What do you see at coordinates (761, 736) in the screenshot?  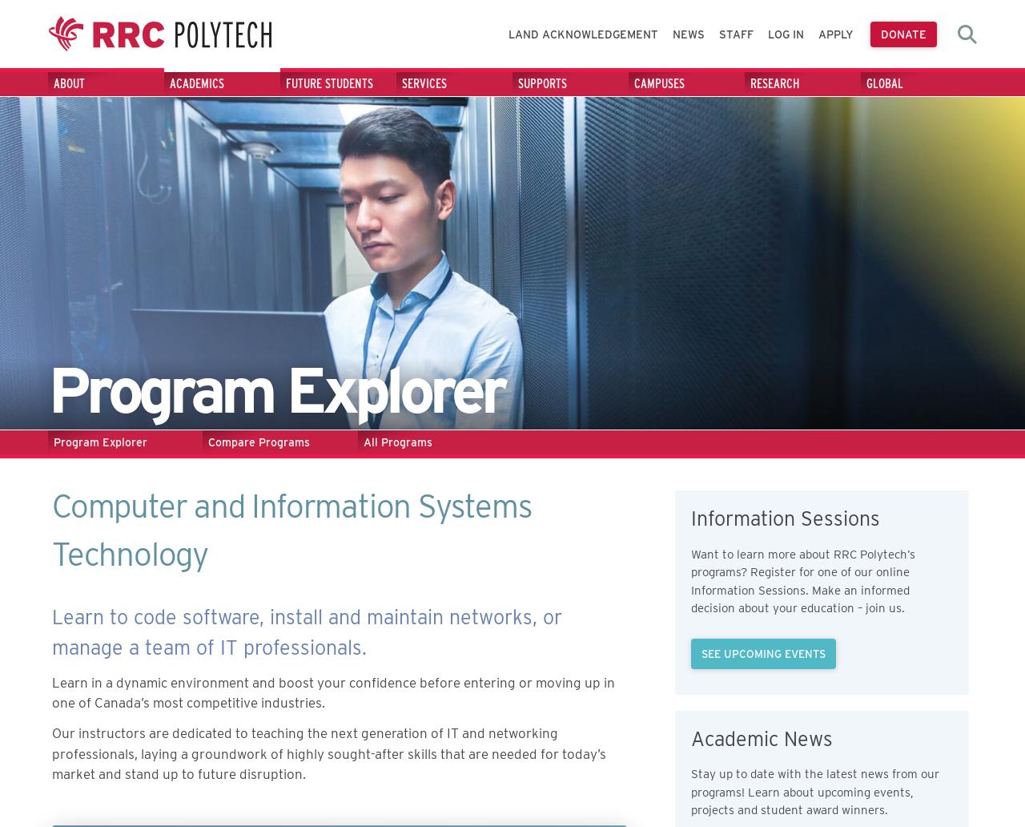 I see `'Academic News'` at bounding box center [761, 736].